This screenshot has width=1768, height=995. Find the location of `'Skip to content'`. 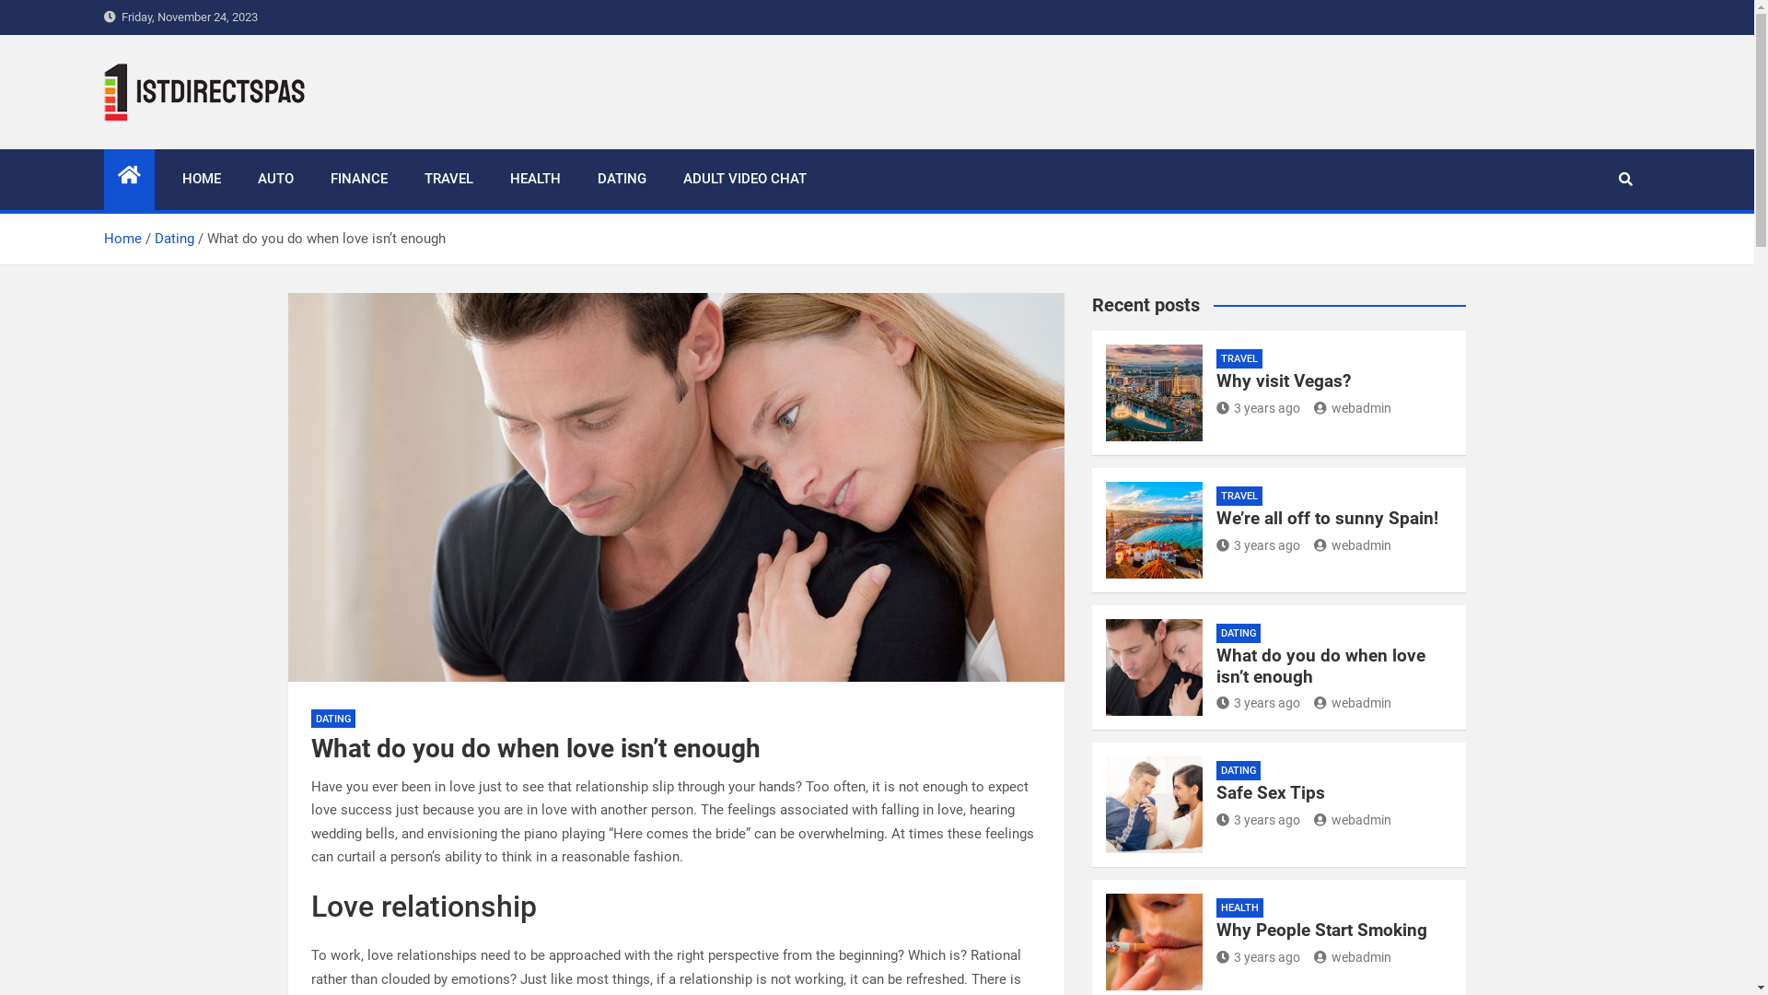

'Skip to content' is located at coordinates (0, 0).